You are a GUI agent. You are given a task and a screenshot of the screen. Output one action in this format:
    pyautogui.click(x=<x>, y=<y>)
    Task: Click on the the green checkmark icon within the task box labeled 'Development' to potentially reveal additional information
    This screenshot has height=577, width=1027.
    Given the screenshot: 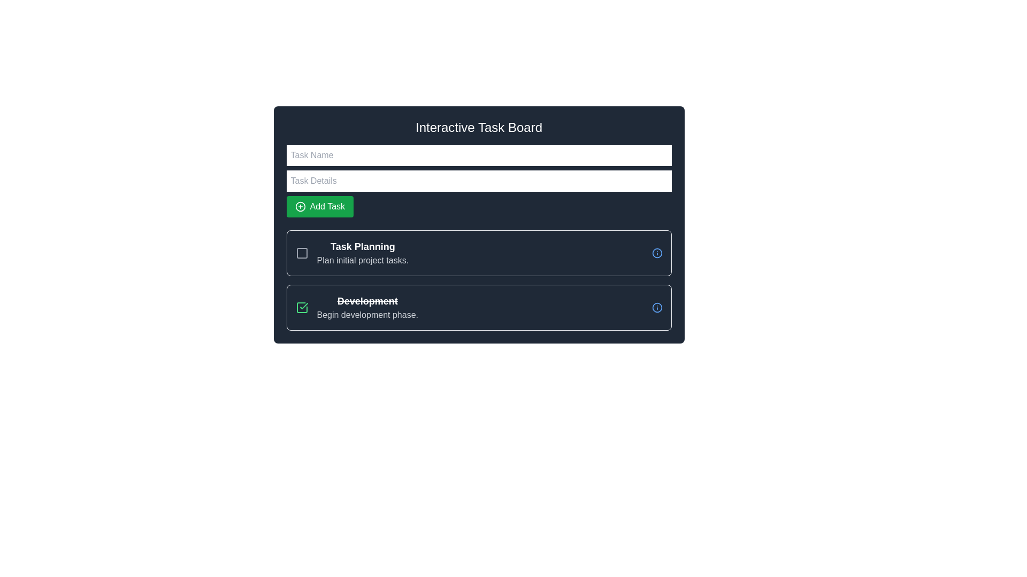 What is the action you would take?
    pyautogui.click(x=301, y=307)
    